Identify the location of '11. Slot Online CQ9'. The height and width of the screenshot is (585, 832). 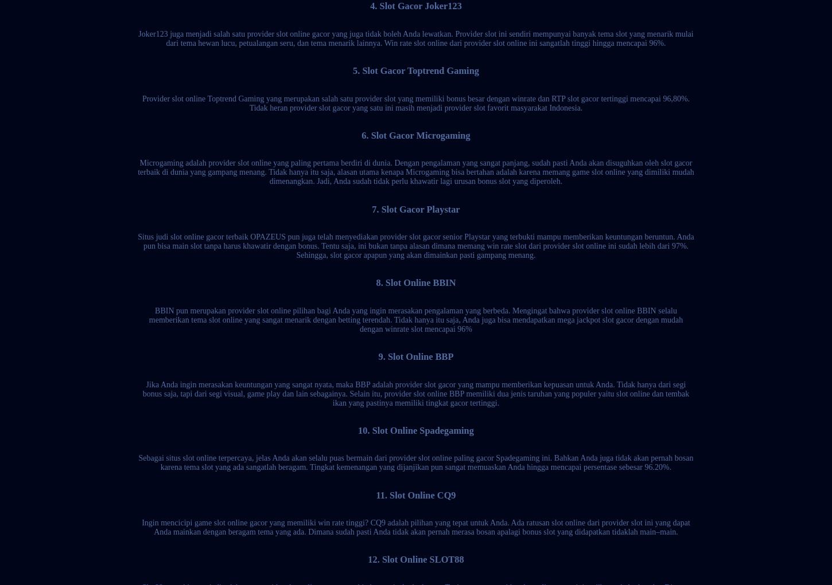
(415, 494).